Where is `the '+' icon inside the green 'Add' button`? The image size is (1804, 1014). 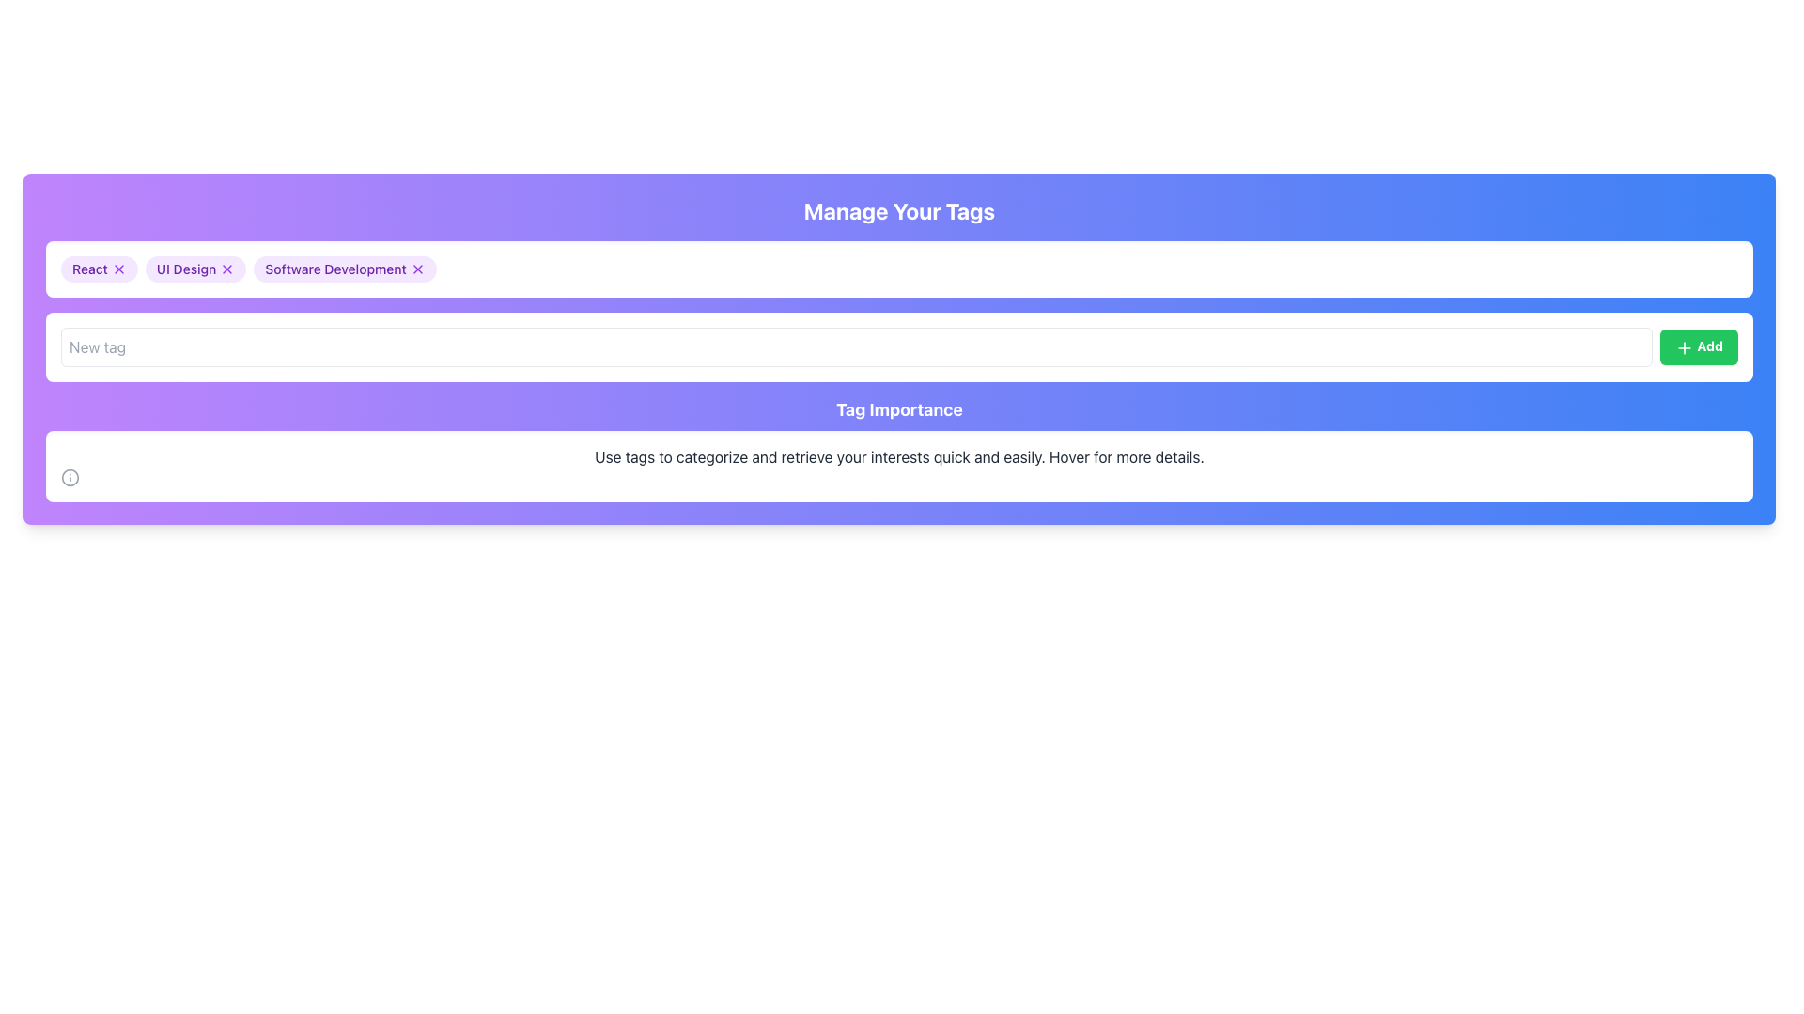
the '+' icon inside the green 'Add' button is located at coordinates (1684, 347).